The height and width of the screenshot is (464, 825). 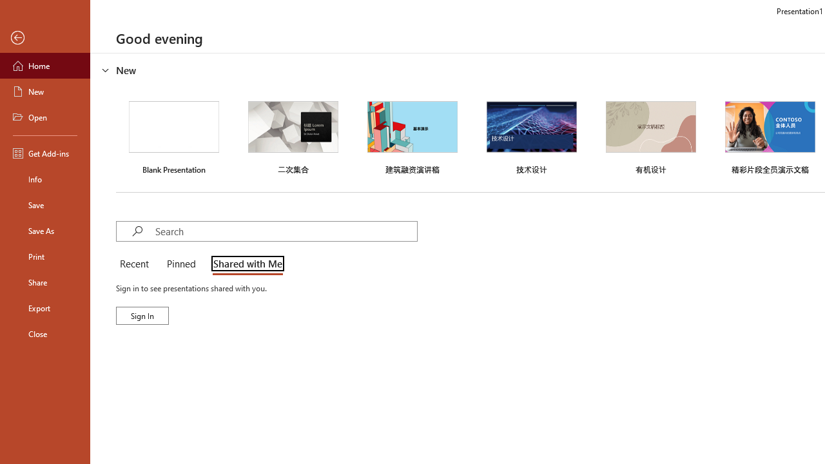 What do you see at coordinates (137, 264) in the screenshot?
I see `'Recent'` at bounding box center [137, 264].